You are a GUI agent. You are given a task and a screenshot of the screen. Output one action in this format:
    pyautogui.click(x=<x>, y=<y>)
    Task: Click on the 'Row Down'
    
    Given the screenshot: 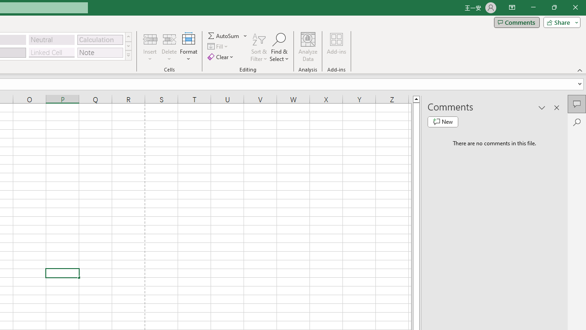 What is the action you would take?
    pyautogui.click(x=128, y=46)
    